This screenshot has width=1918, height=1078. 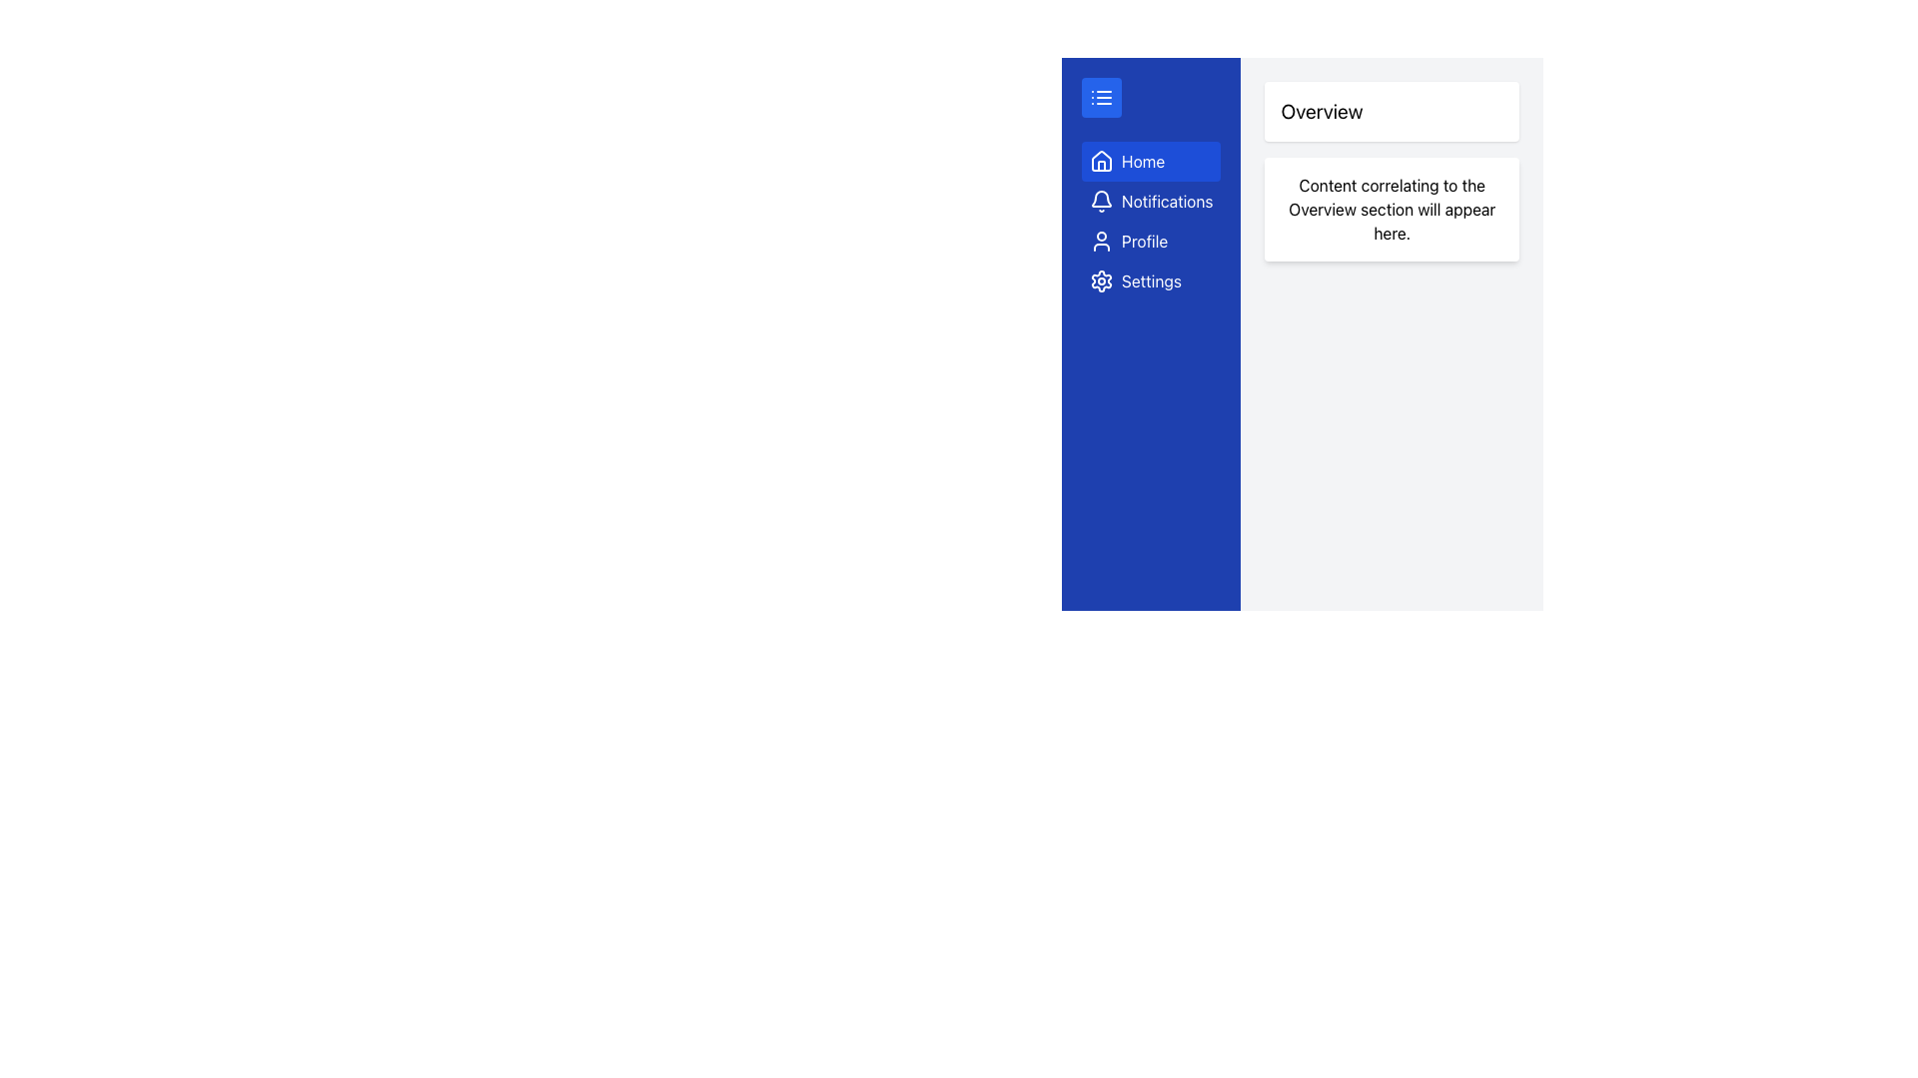 I want to click on the fourth item in the vertical navigation menu on the left sidebar, so click(x=1151, y=280).